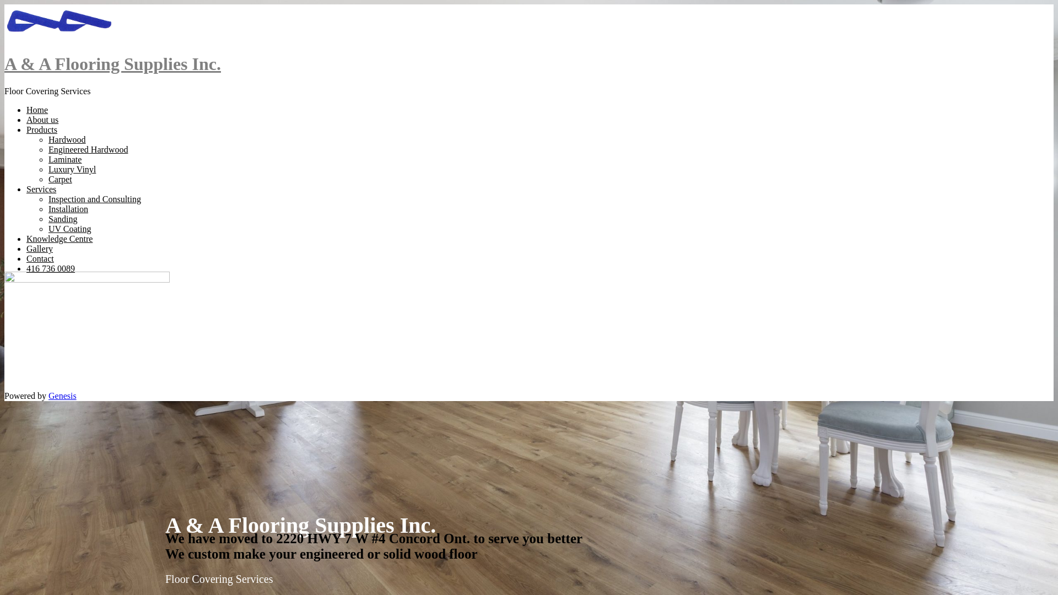 The width and height of the screenshot is (1058, 595). Describe the element at coordinates (95, 199) in the screenshot. I see `'Inspection and Consulting'` at that location.